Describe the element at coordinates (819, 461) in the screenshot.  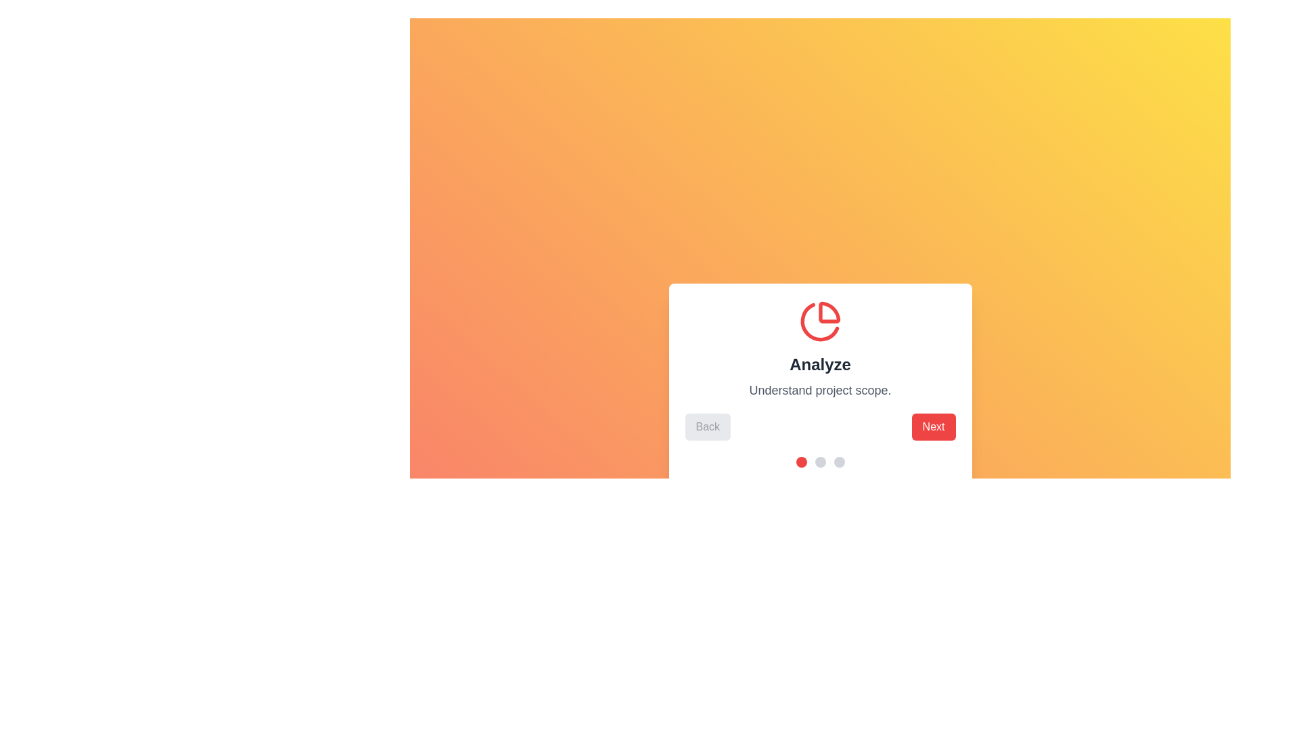
I see `the progress dot corresponding to stage 2` at that location.